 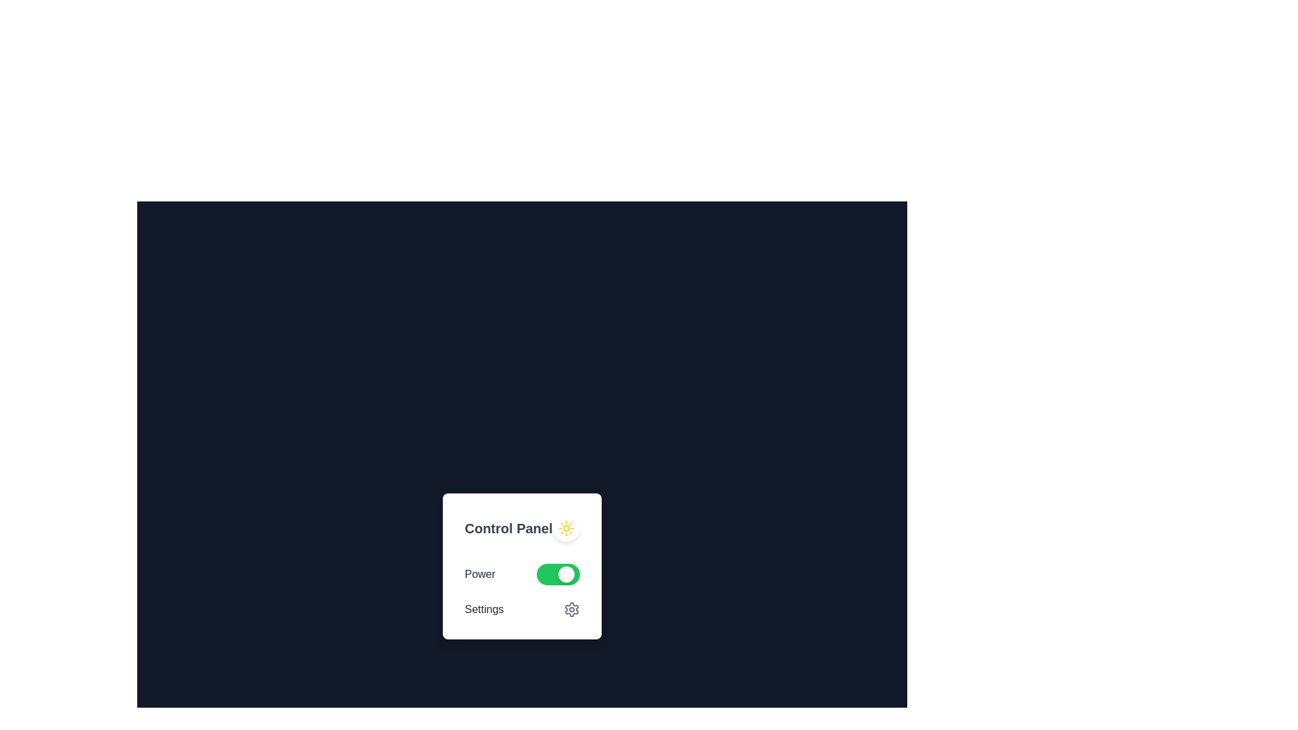 I want to click on the circular toggle switch handle, located at the rightmost position of the green track below the 'Power' label, so click(x=566, y=574).